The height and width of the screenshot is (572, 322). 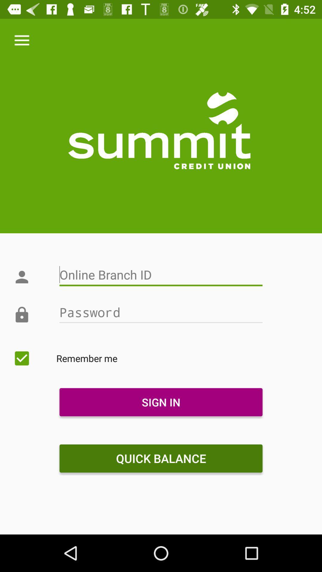 I want to click on item to the left of the remember me icon, so click(x=21, y=358).